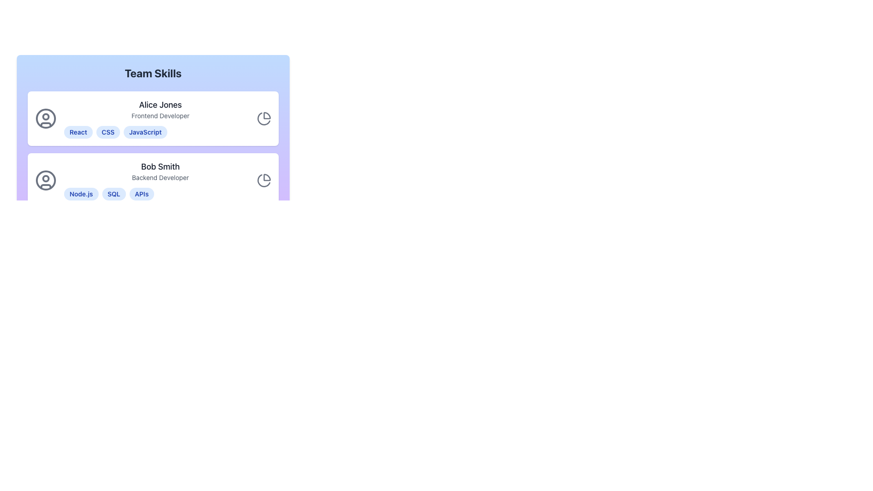  What do you see at coordinates (161, 177) in the screenshot?
I see `the 'Backend Developer' text label, which is styled in gray font and located beneath the name 'Bob Smith' in the 'Team Skills' section` at bounding box center [161, 177].